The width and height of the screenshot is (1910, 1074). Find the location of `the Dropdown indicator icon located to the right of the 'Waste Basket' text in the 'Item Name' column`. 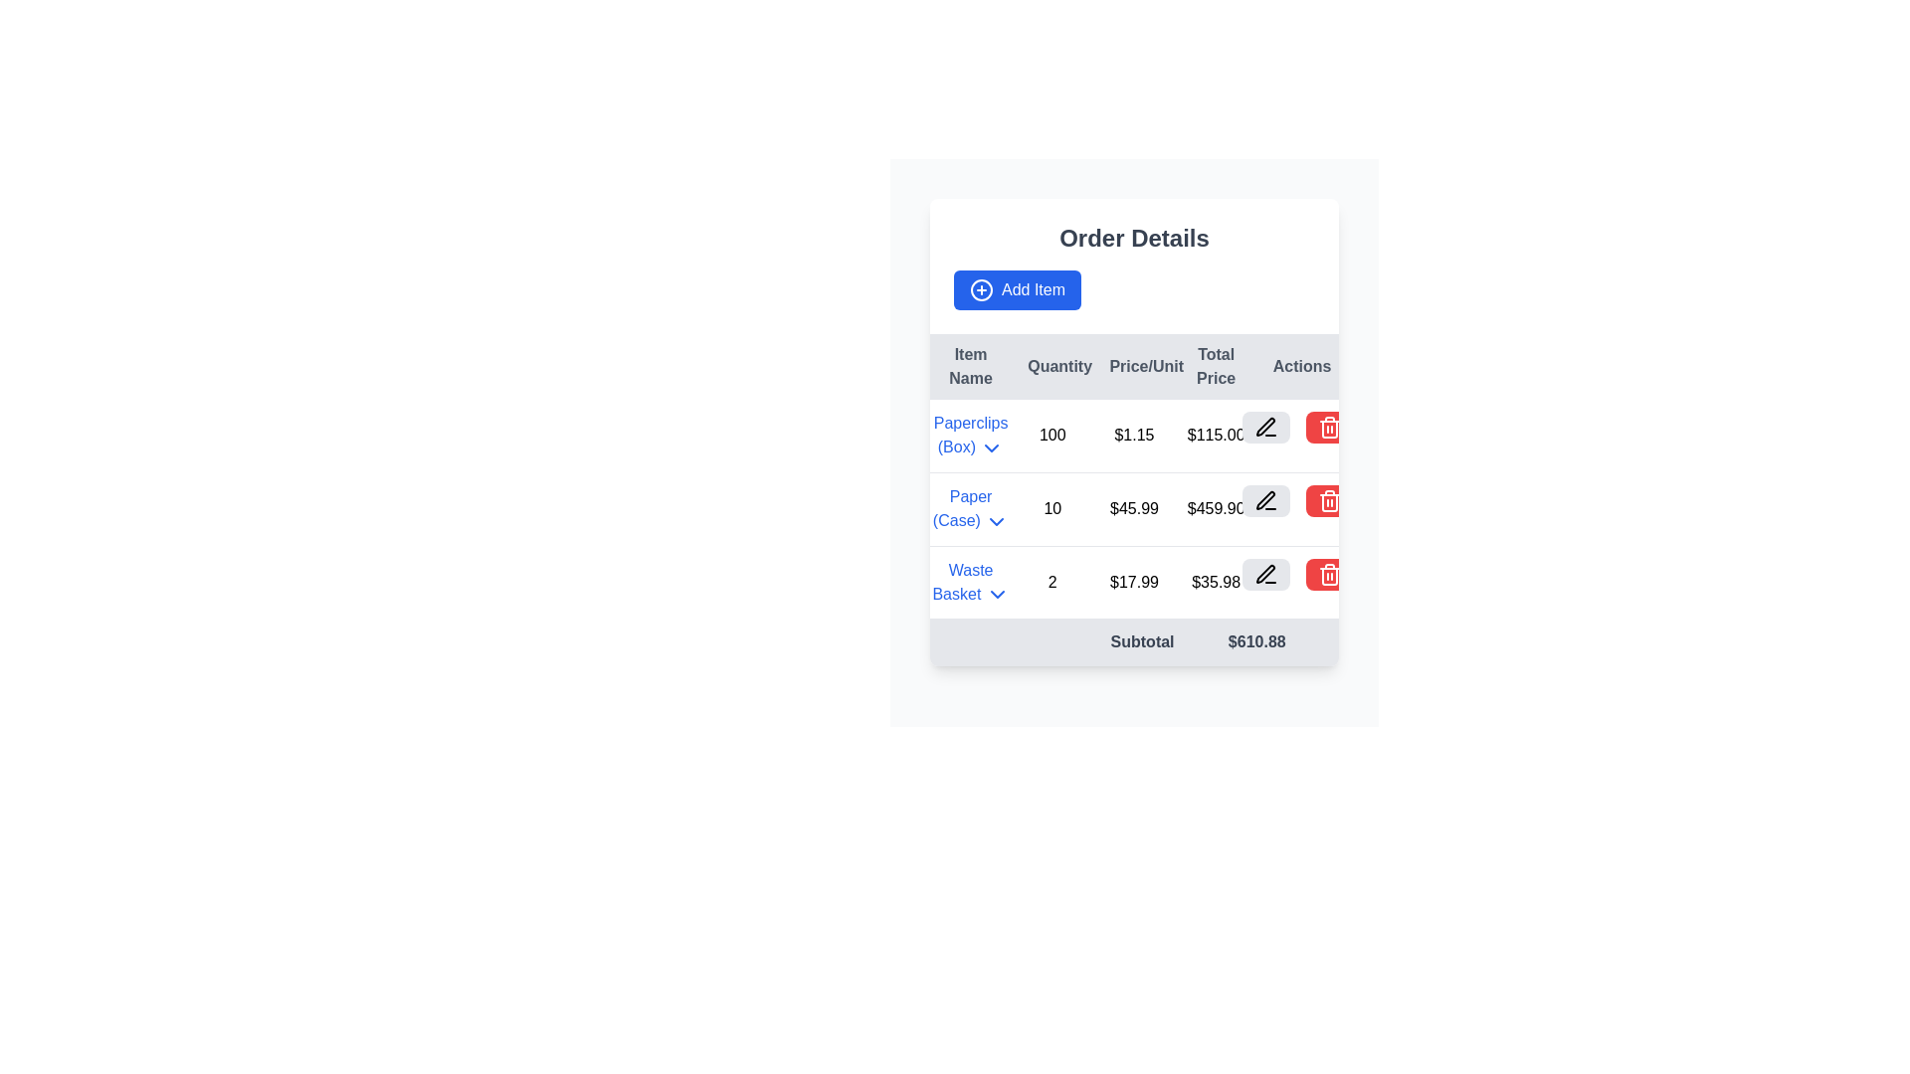

the Dropdown indicator icon located to the right of the 'Waste Basket' text in the 'Item Name' column is located at coordinates (997, 594).